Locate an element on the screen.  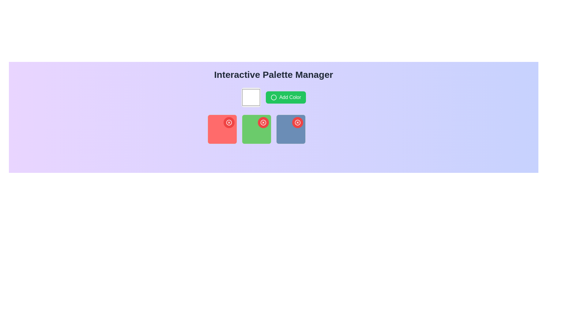
the Circular close button located at the upper-right corner of the blue-colored card in the bottom-right corner of the three cards displayed in a horizontal row is located at coordinates (297, 123).